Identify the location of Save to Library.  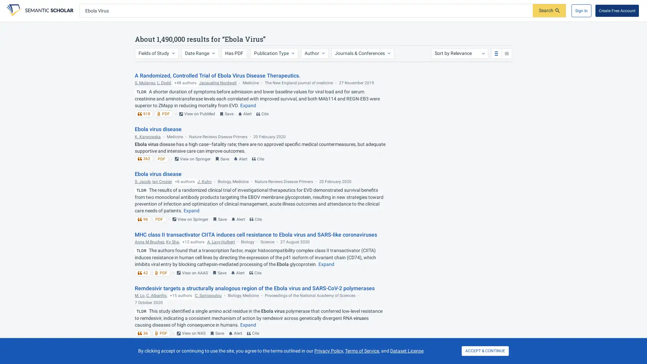
(219, 272).